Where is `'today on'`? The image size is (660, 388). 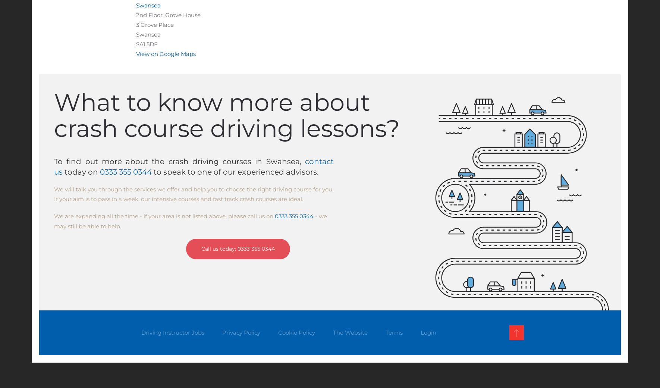 'today on' is located at coordinates (81, 172).